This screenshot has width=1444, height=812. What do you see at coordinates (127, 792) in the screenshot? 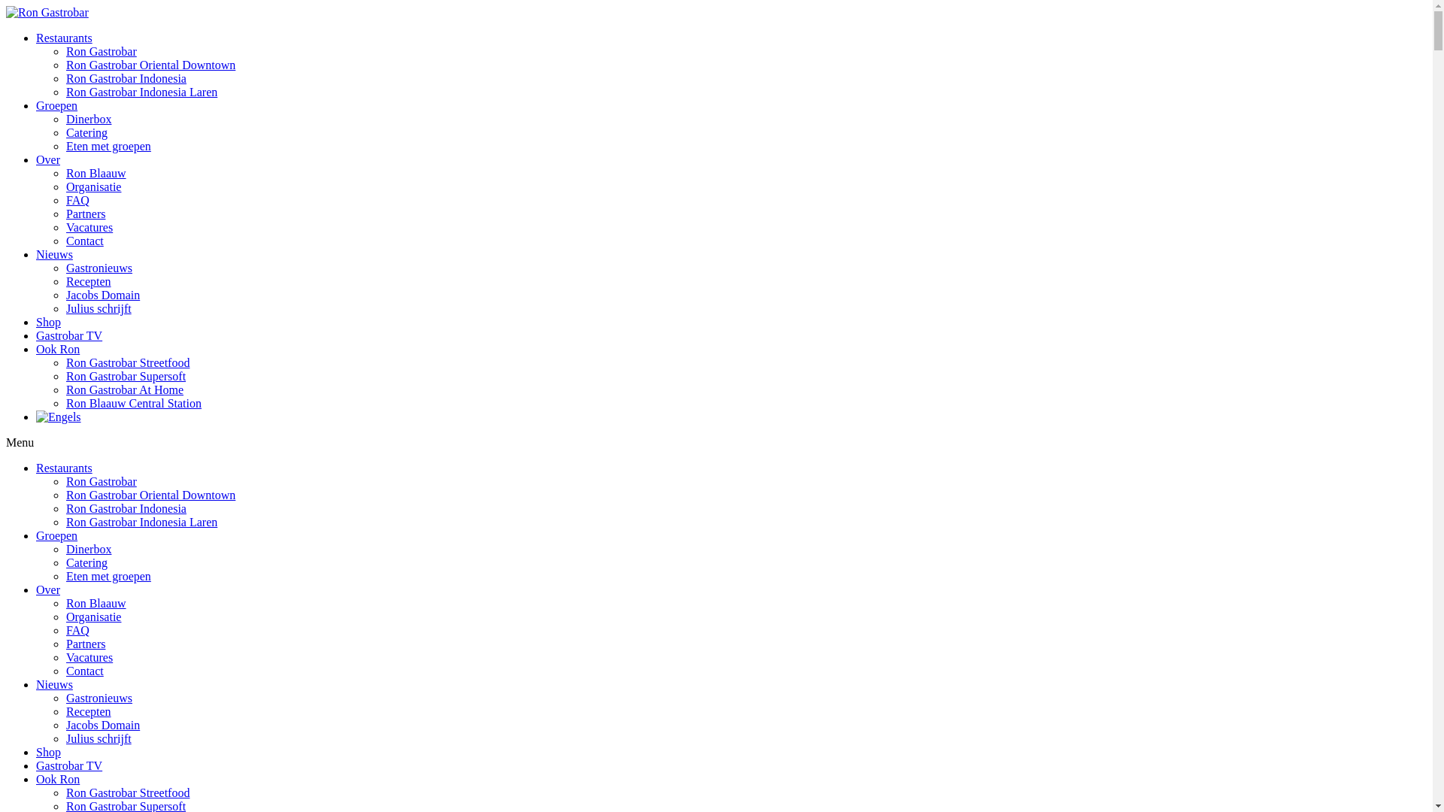
I see `'Ron Gastrobar Streetfood'` at bounding box center [127, 792].